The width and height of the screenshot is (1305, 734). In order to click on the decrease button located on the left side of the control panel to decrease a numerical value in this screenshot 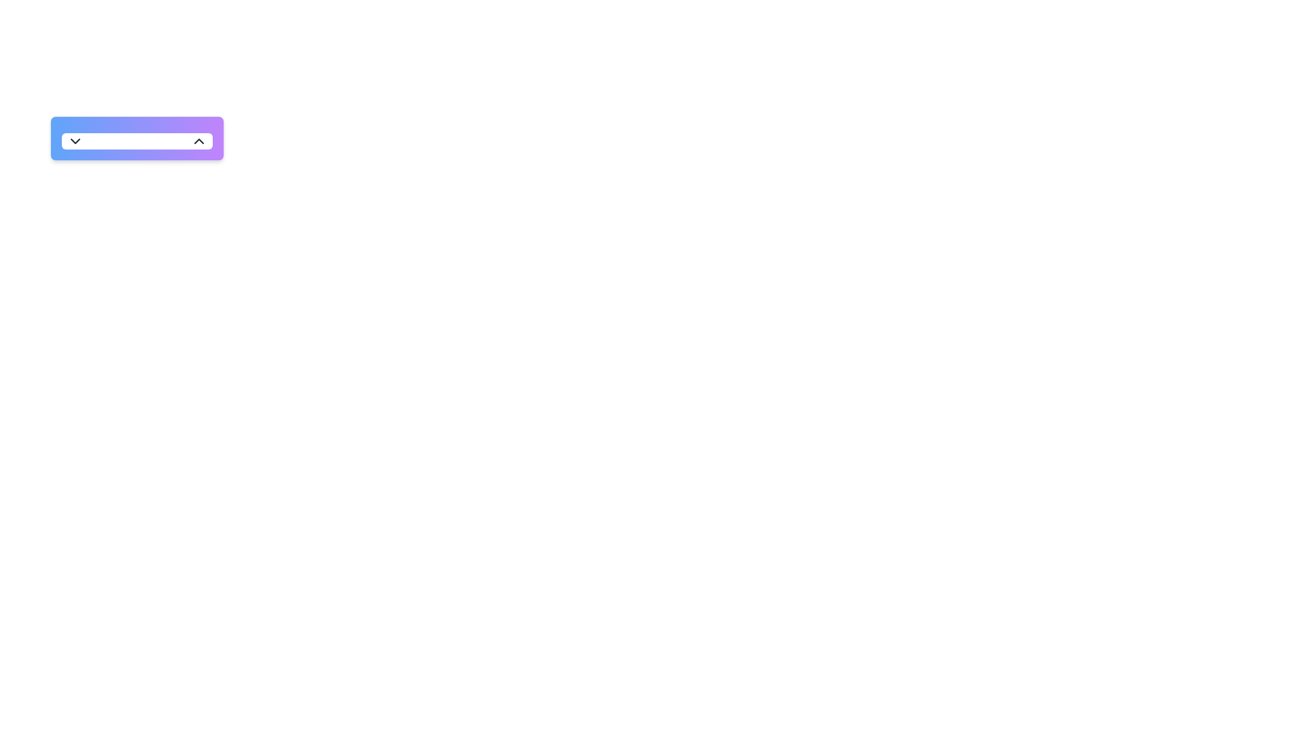, I will do `click(74, 141)`.